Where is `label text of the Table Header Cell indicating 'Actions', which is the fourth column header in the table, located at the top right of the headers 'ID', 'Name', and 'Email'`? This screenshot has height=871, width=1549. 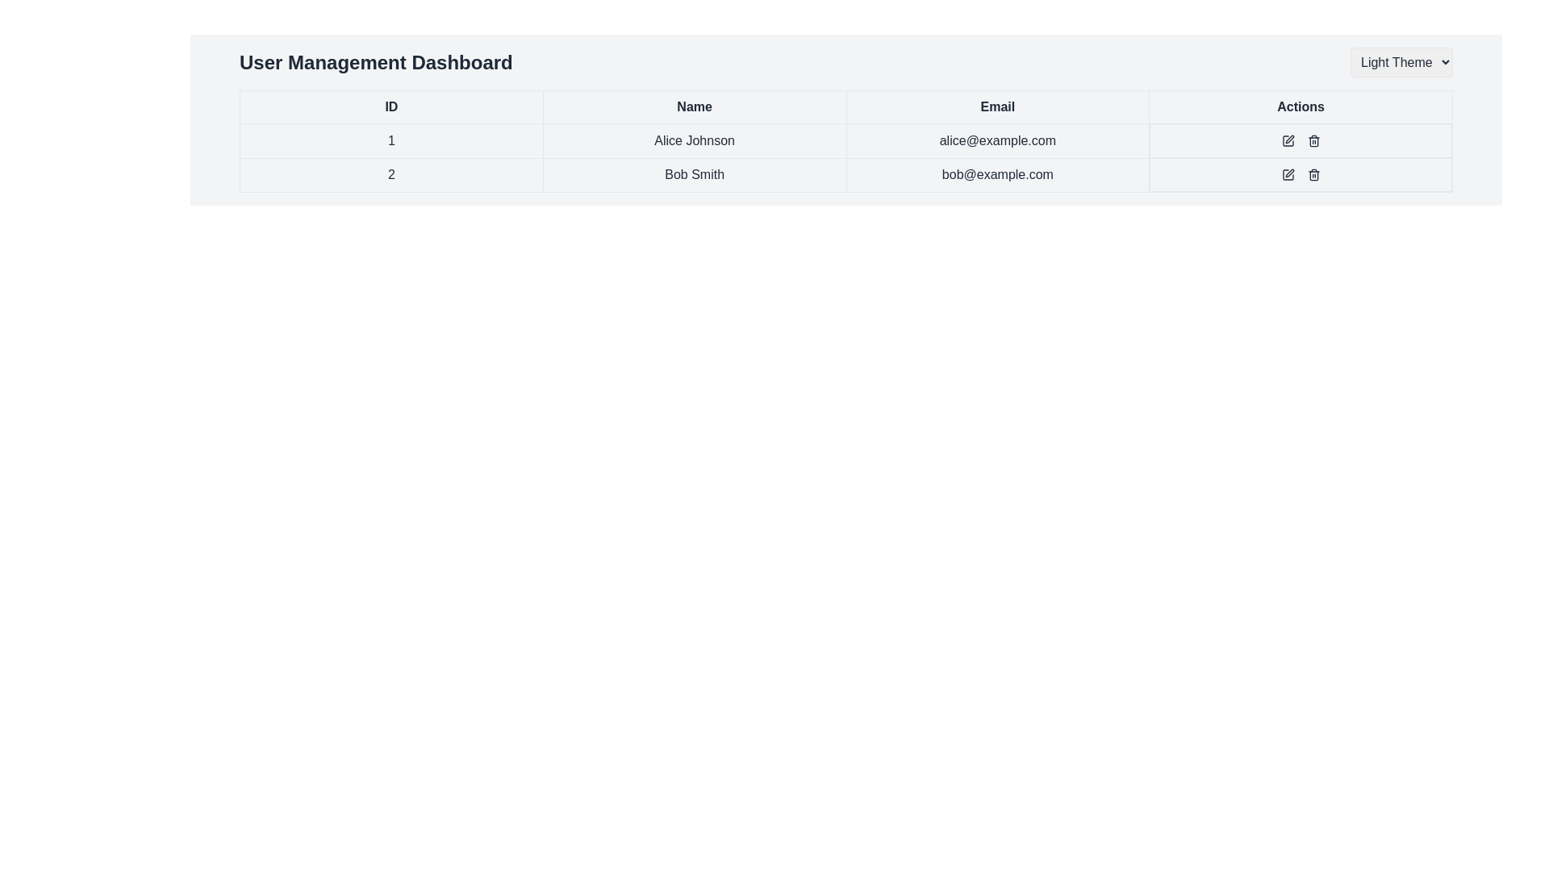
label text of the Table Header Cell indicating 'Actions', which is the fourth column header in the table, located at the top right of the headers 'ID', 'Name', and 'Email' is located at coordinates (1301, 106).